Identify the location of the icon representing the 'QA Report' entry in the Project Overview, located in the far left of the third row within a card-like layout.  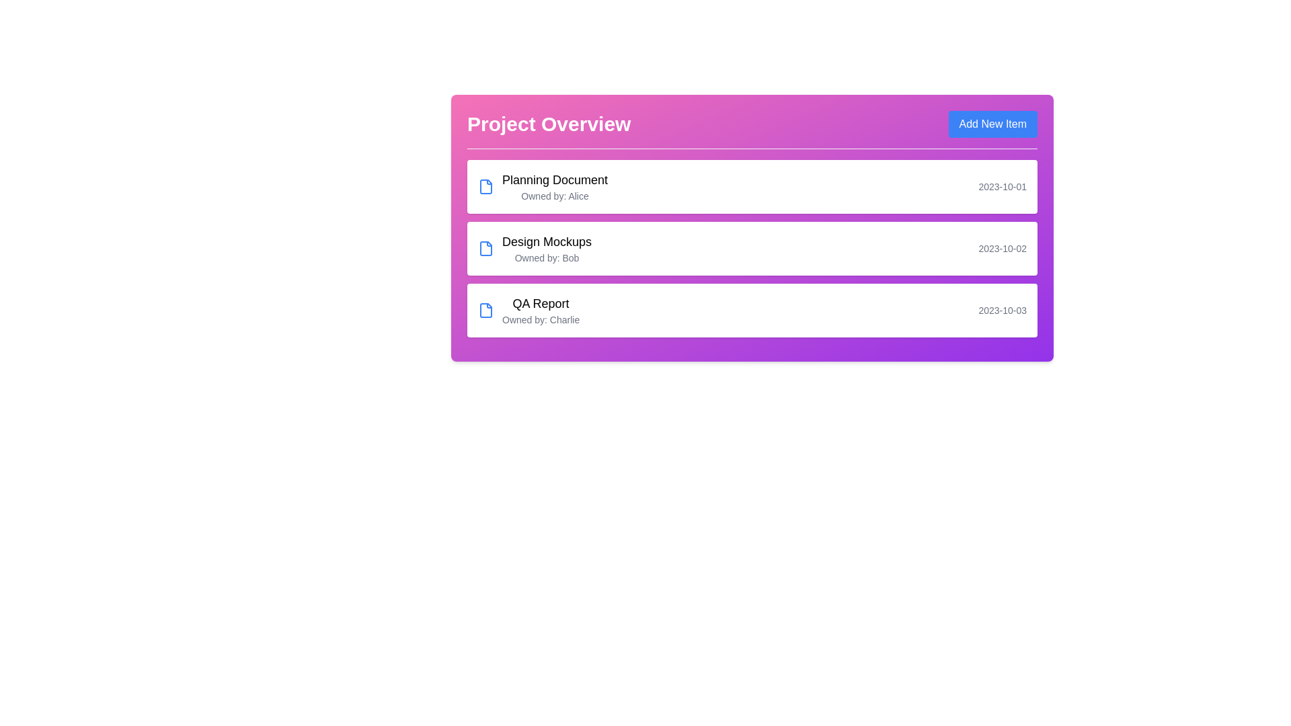
(485, 311).